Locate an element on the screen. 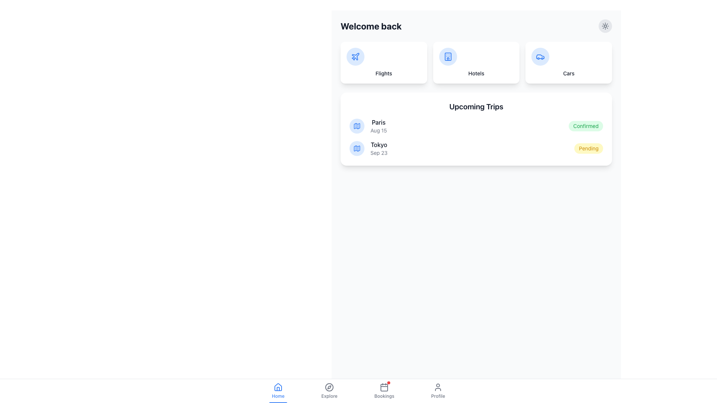  the geographical location icon representing the trip destination 'Paris', which is located in the second column below the 'Welcome Back' heading and to the left of the text 'Paris' is located at coordinates (356, 148).